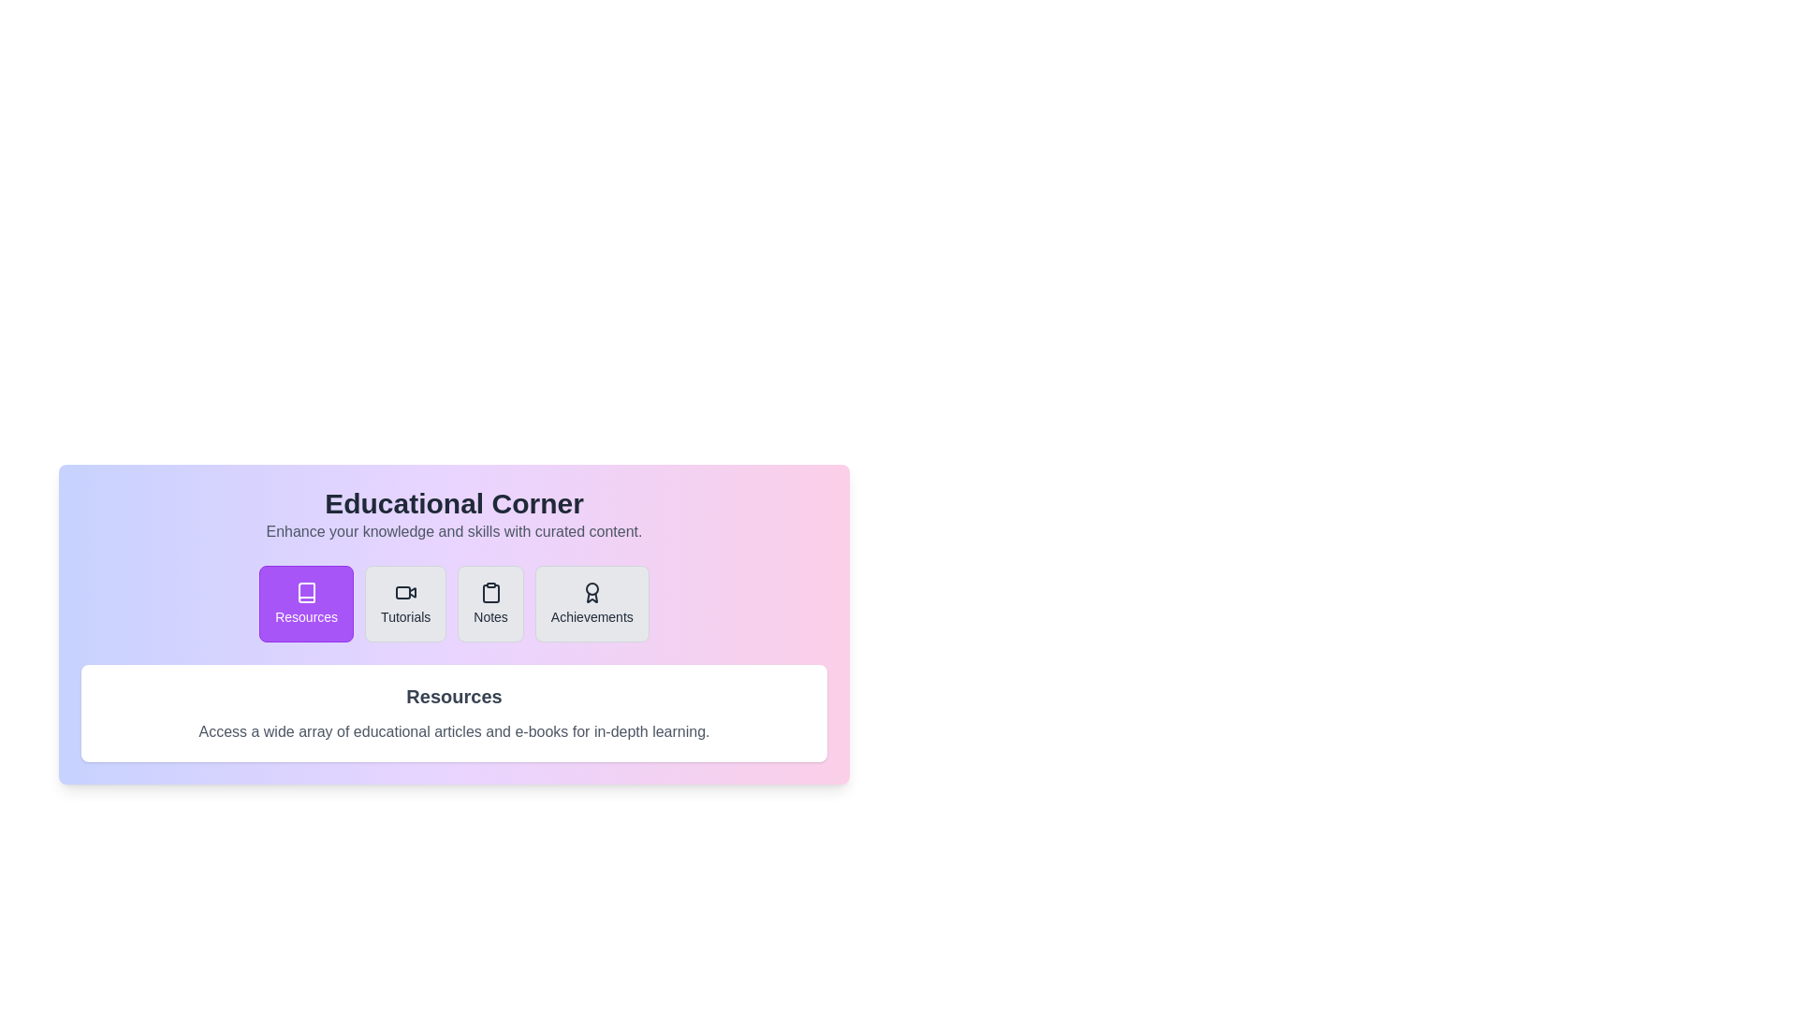  I want to click on the Achievements tab to view its educational content, so click(591, 603).